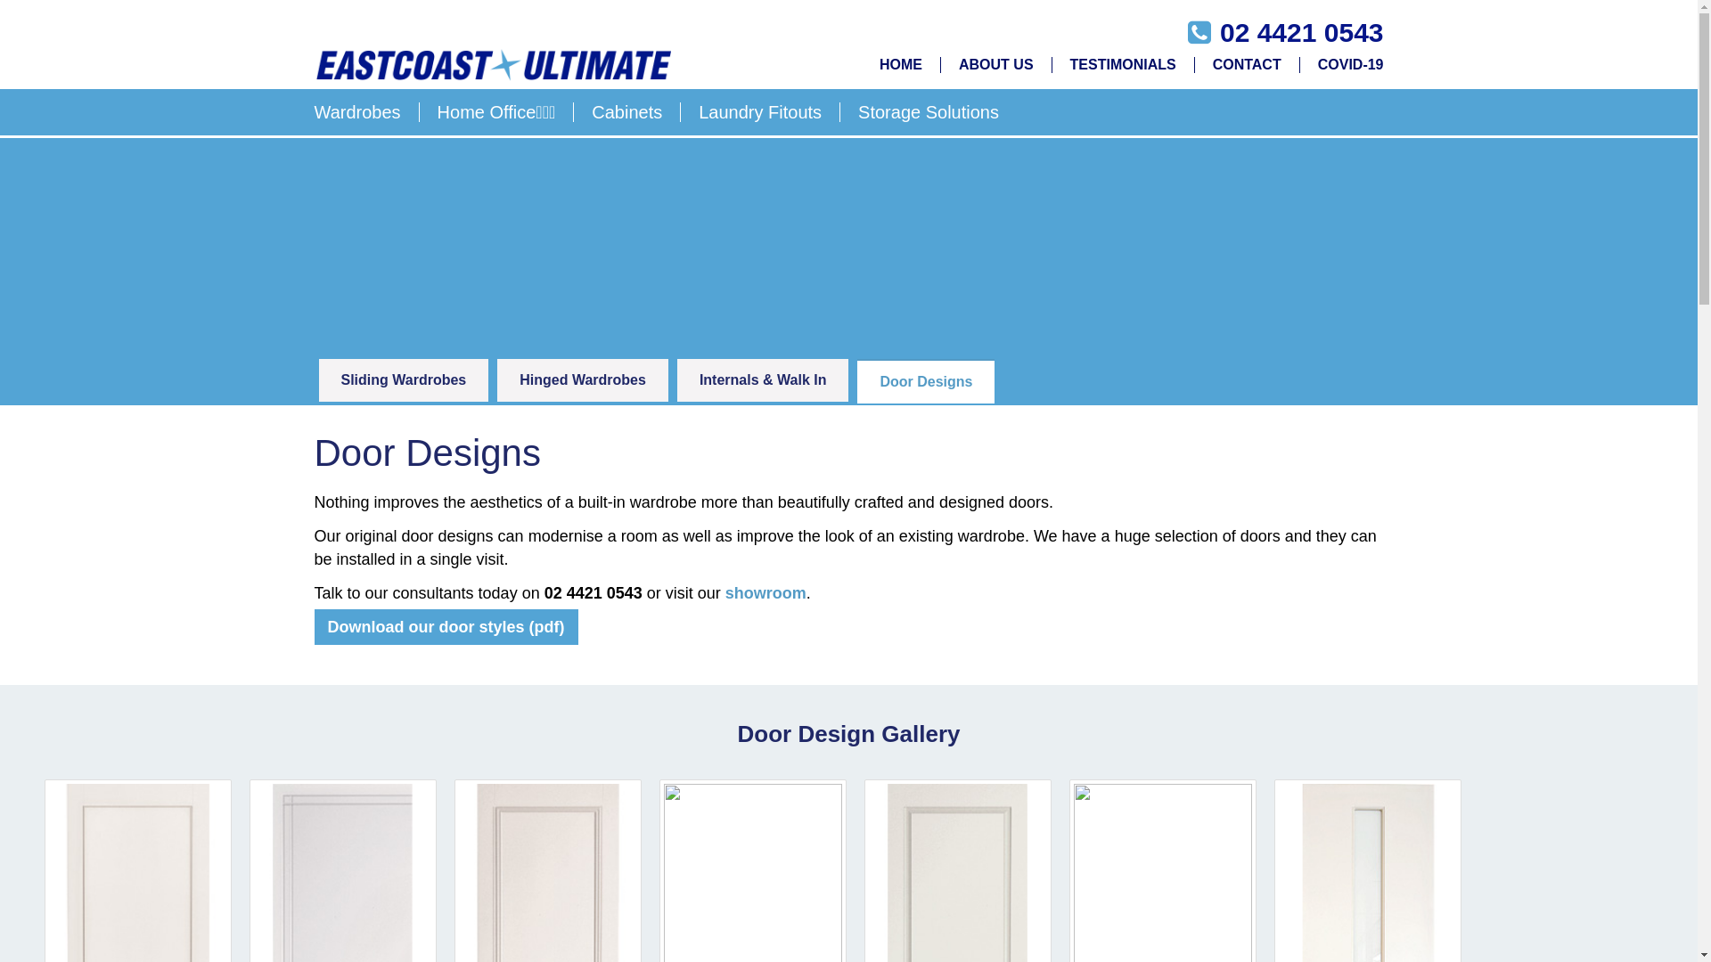 Image resolution: width=1711 pixels, height=962 pixels. What do you see at coordinates (901, 64) in the screenshot?
I see `'HOME'` at bounding box center [901, 64].